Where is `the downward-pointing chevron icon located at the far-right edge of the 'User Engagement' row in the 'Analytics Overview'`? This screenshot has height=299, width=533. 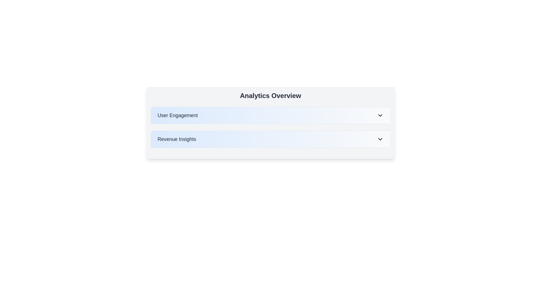
the downward-pointing chevron icon located at the far-right edge of the 'User Engagement' row in the 'Analytics Overview' is located at coordinates (380, 115).